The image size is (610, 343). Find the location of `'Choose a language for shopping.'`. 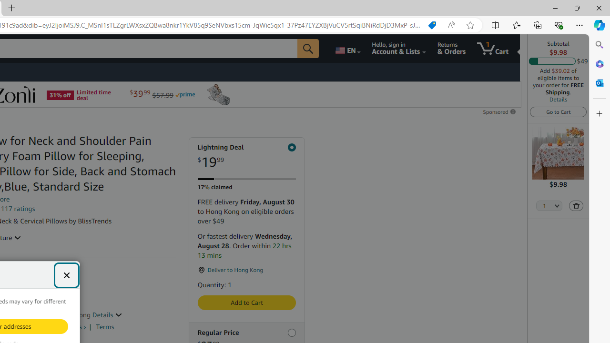

'Choose a language for shopping.' is located at coordinates (346, 48).